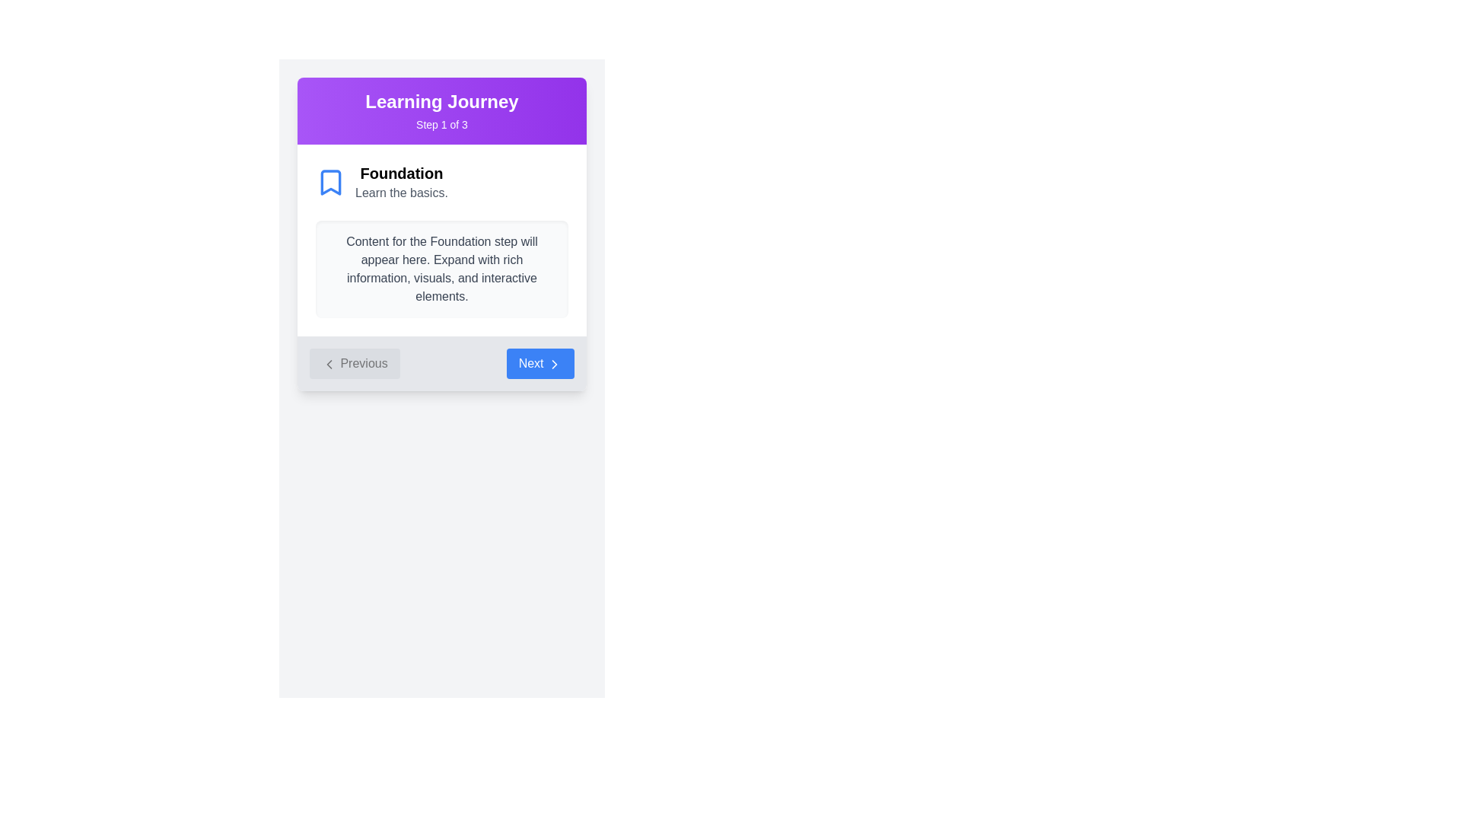 The height and width of the screenshot is (822, 1461). I want to click on displayed information on the Foundation step Card located centrally within the Learning Journey interface, positioned below the header 'Step 1 of 3' and above the navigation buttons 'Previous' and 'Next', so click(441, 240).